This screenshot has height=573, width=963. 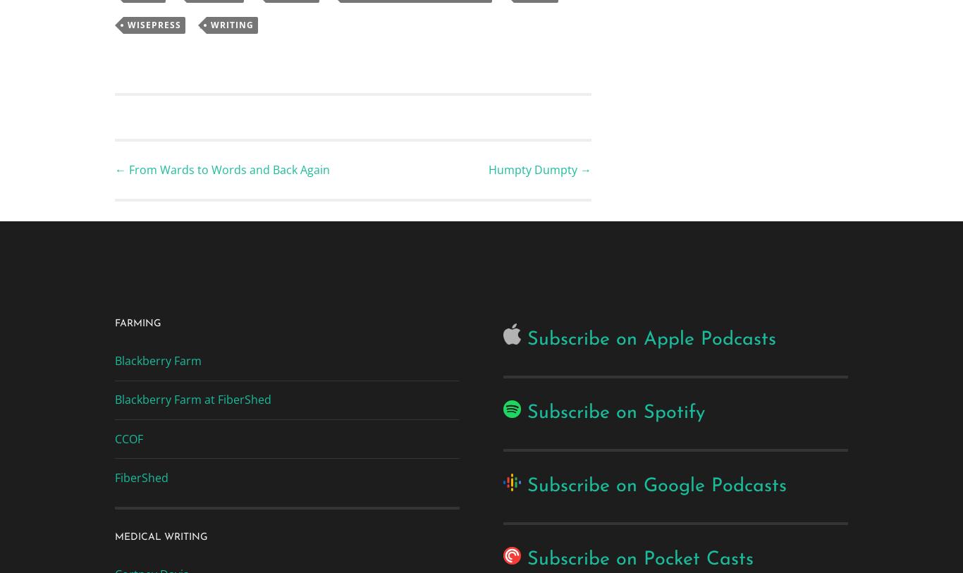 What do you see at coordinates (114, 536) in the screenshot?
I see `'Medical Writing'` at bounding box center [114, 536].